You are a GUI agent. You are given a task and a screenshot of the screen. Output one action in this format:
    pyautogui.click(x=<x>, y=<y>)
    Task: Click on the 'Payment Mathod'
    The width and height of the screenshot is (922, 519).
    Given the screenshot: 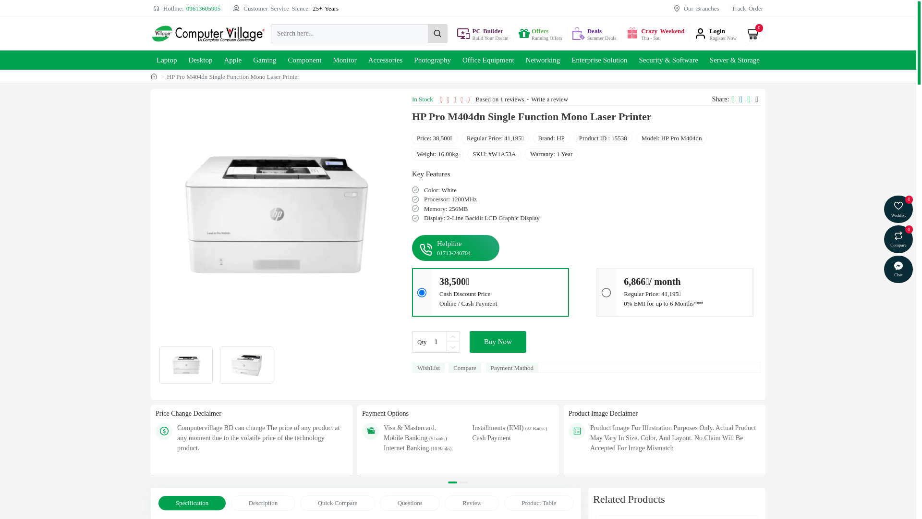 What is the action you would take?
    pyautogui.click(x=511, y=367)
    